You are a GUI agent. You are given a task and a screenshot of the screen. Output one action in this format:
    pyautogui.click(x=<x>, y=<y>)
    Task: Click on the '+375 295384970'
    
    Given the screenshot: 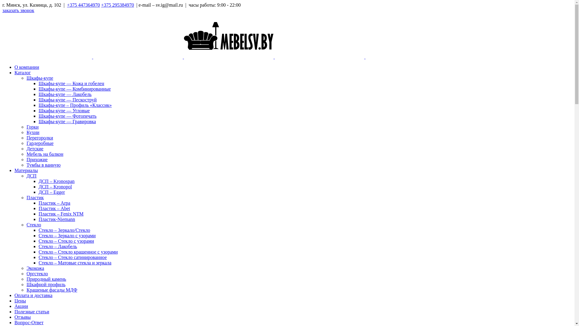 What is the action you would take?
    pyautogui.click(x=117, y=5)
    